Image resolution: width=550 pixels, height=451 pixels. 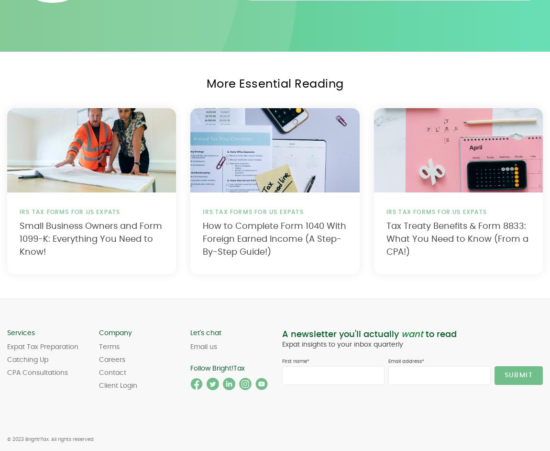 I want to click on 'Email address', so click(x=404, y=361).